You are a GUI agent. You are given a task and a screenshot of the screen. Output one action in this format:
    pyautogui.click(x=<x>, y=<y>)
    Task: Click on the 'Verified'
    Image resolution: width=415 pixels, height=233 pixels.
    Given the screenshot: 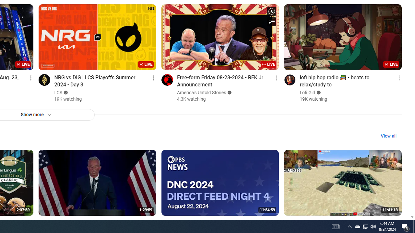 What is the action you would take?
    pyautogui.click(x=318, y=93)
    